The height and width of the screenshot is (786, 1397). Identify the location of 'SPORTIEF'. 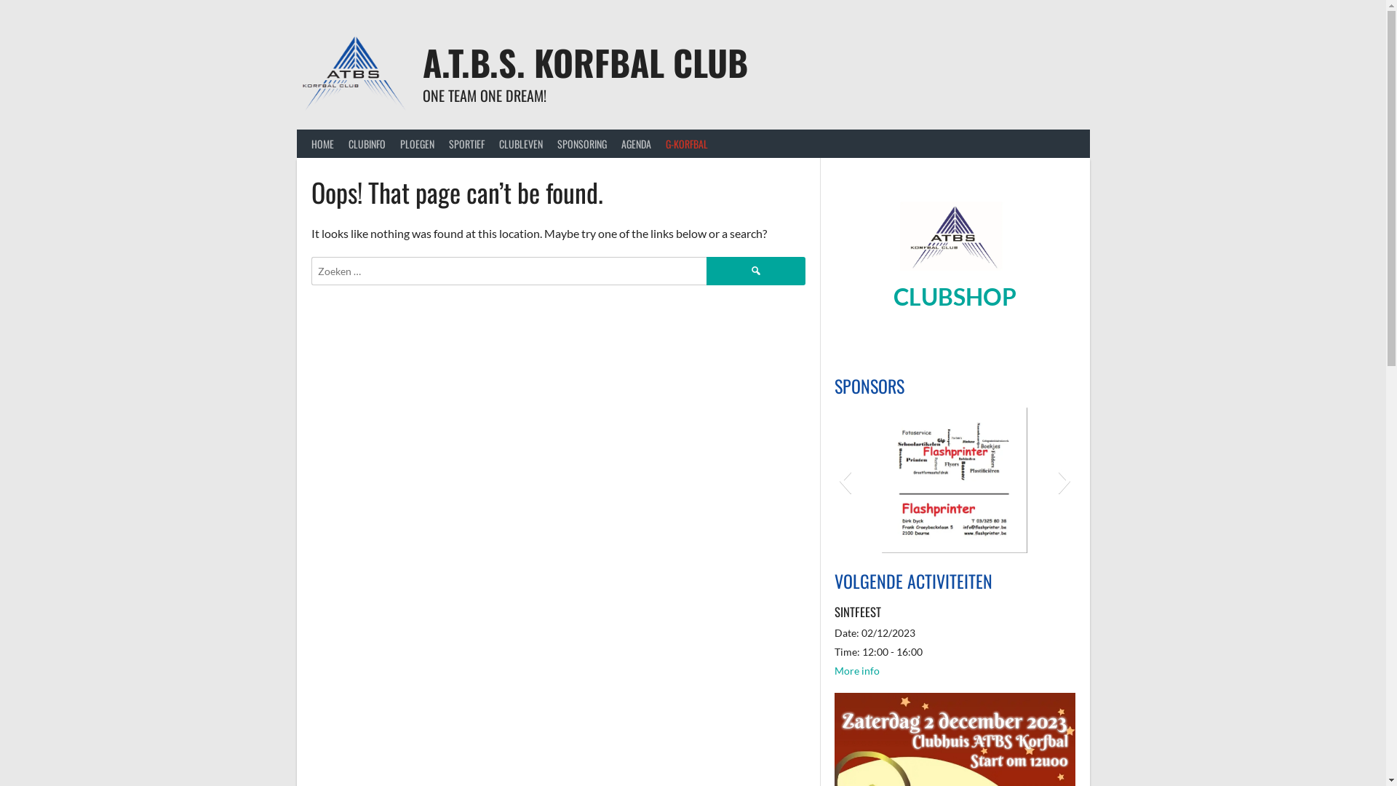
(466, 143).